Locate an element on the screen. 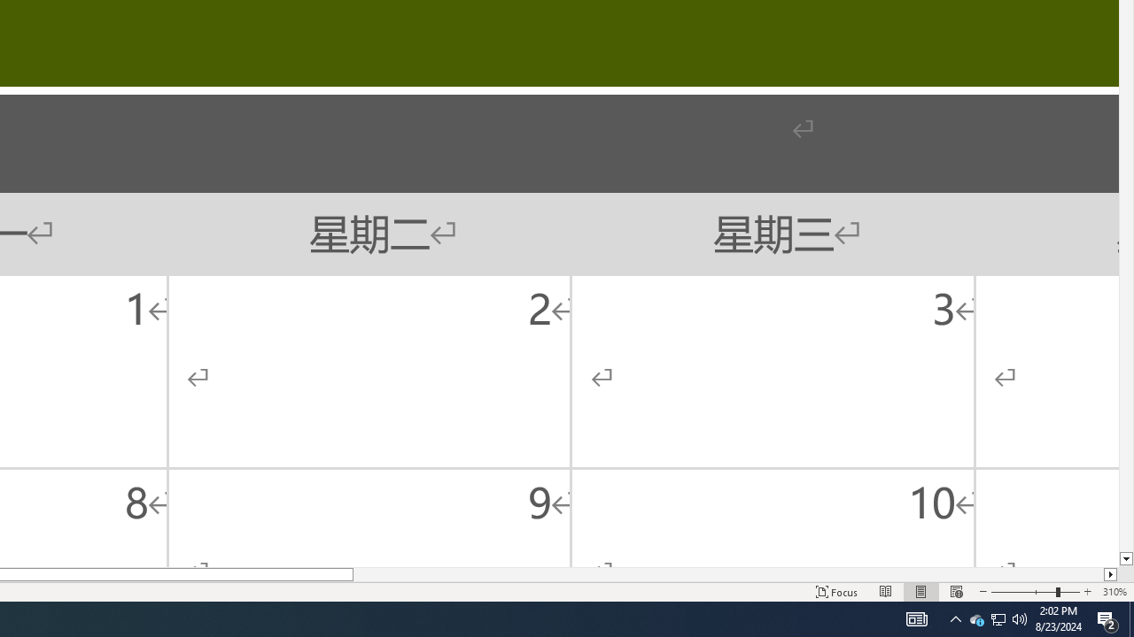 The height and width of the screenshot is (637, 1134). 'Focus ' is located at coordinates (835, 592).